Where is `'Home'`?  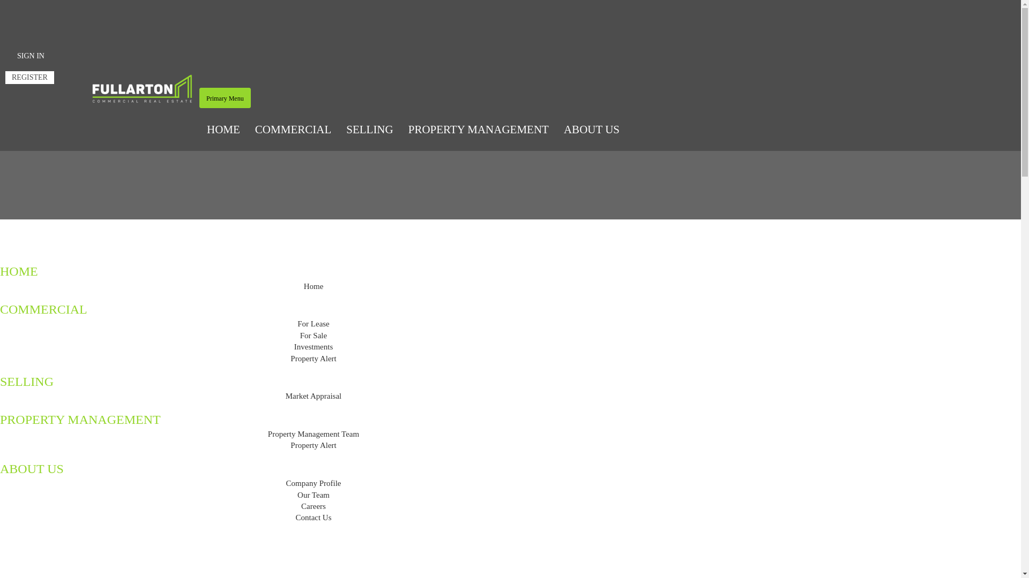
'Home' is located at coordinates (313, 286).